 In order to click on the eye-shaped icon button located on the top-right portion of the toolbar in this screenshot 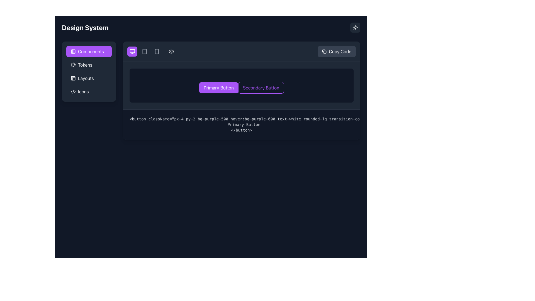, I will do `click(171, 52)`.